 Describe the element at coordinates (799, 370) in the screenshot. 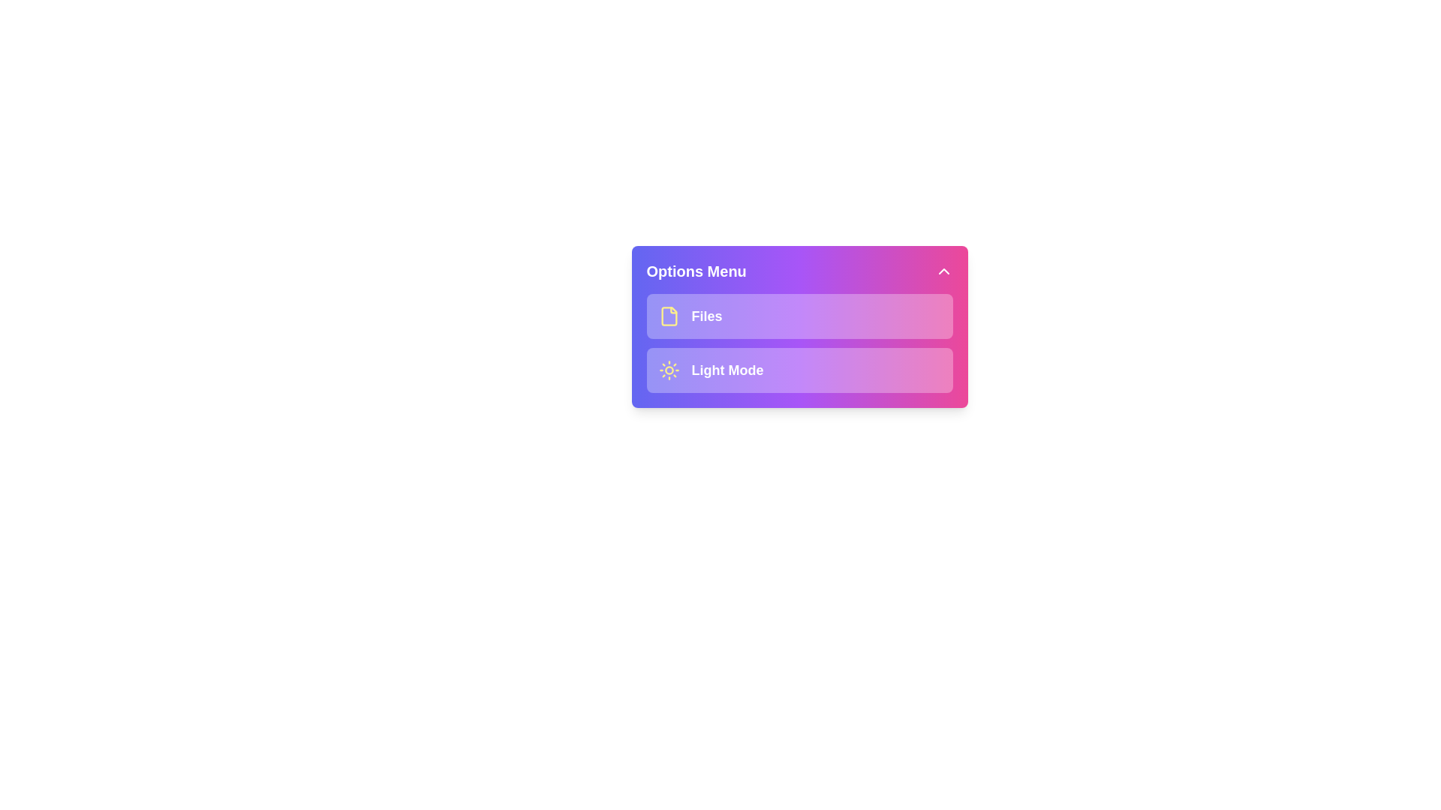

I see `the menu item Light Mode by clicking on it` at that location.